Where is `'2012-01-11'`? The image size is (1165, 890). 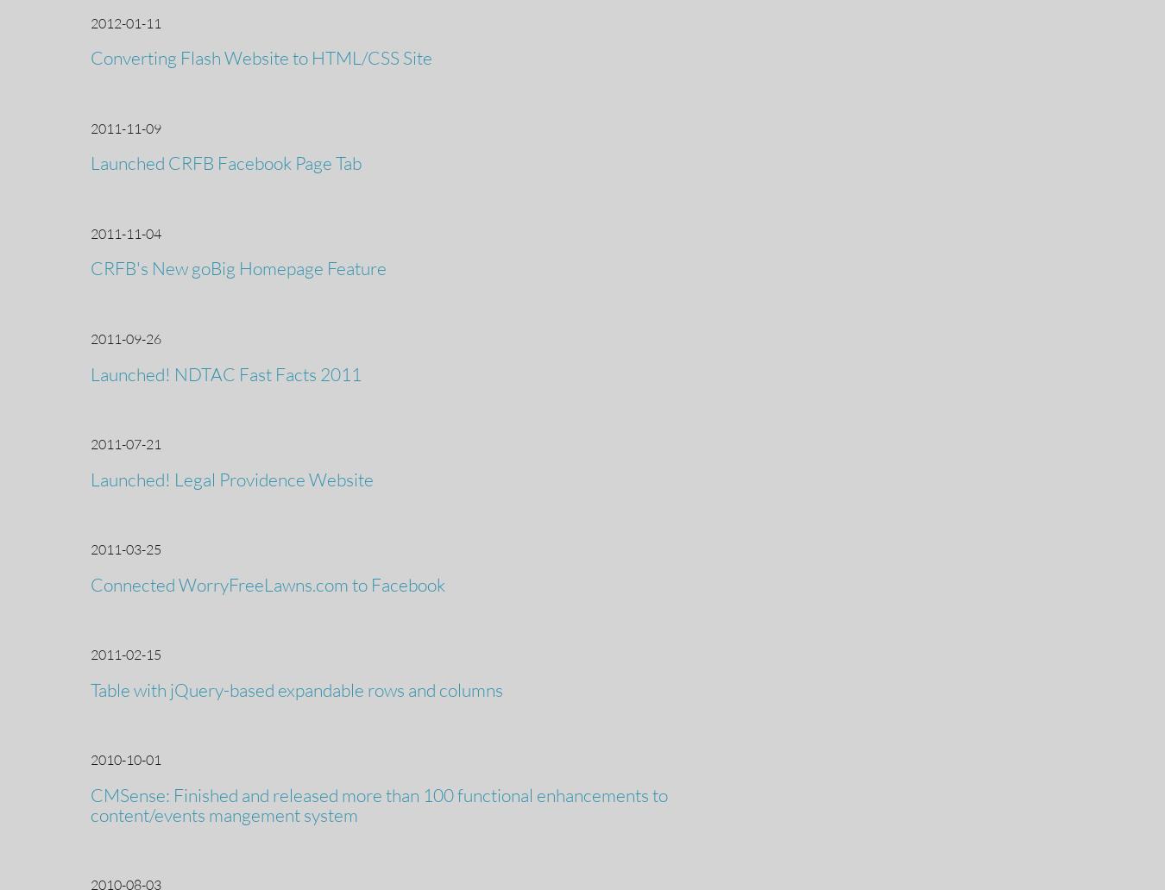 '2012-01-11' is located at coordinates (125, 22).